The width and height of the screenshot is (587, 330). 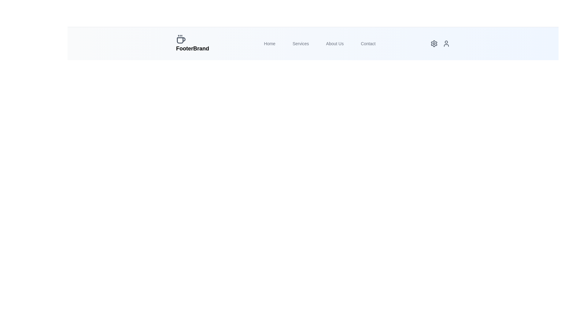 I want to click on the 'Services' text link located in the navigation menu, positioned between 'Home' and 'About Us', so click(x=301, y=43).